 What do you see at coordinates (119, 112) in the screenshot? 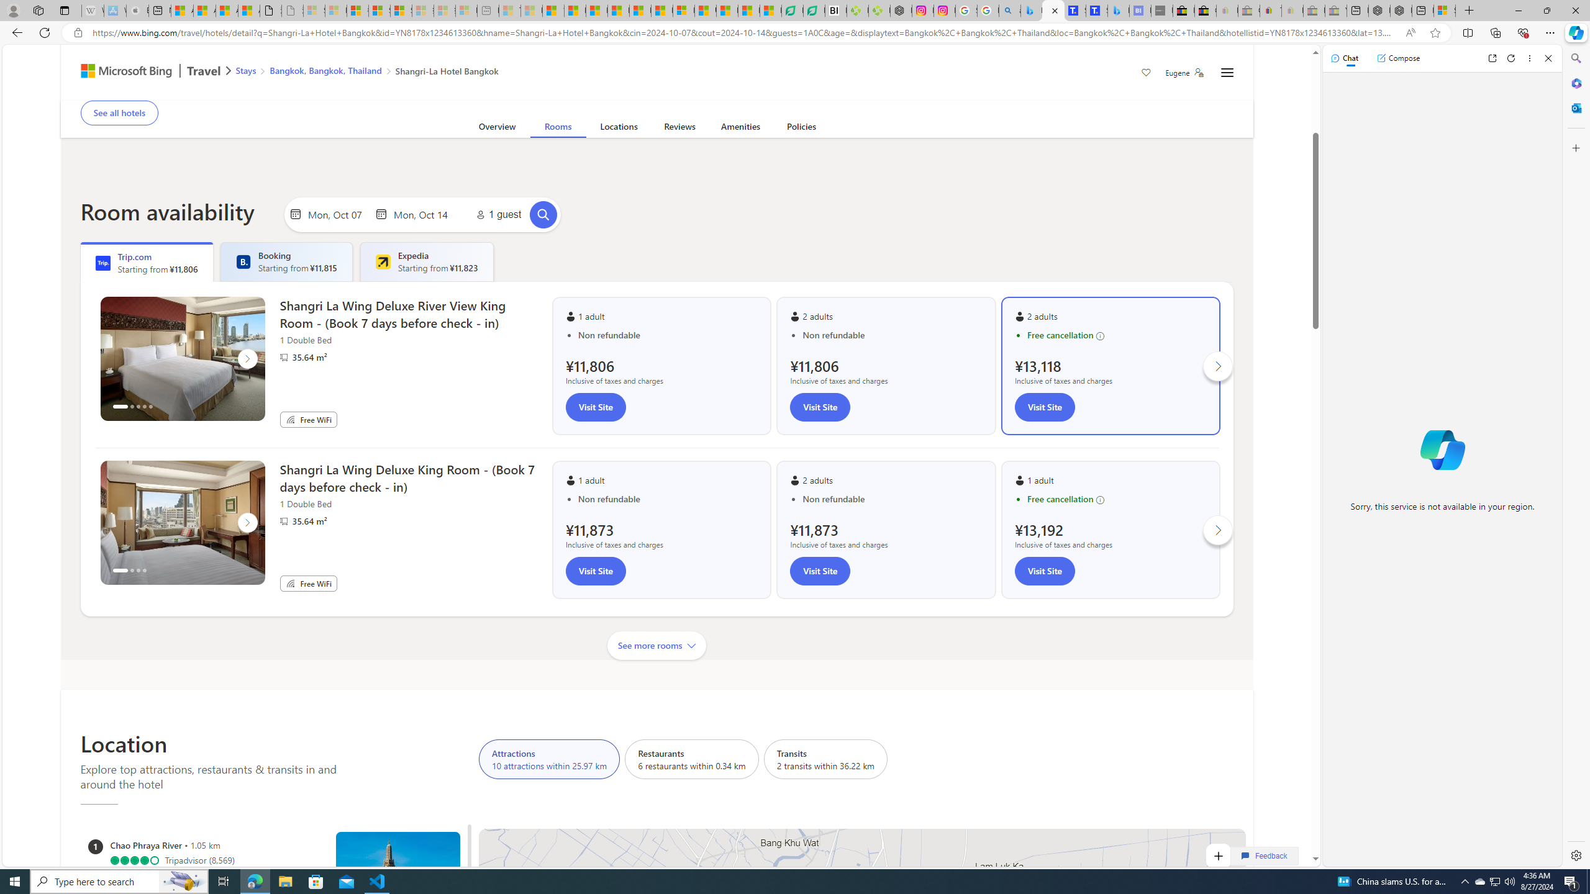
I see `'See all hotels'` at bounding box center [119, 112].